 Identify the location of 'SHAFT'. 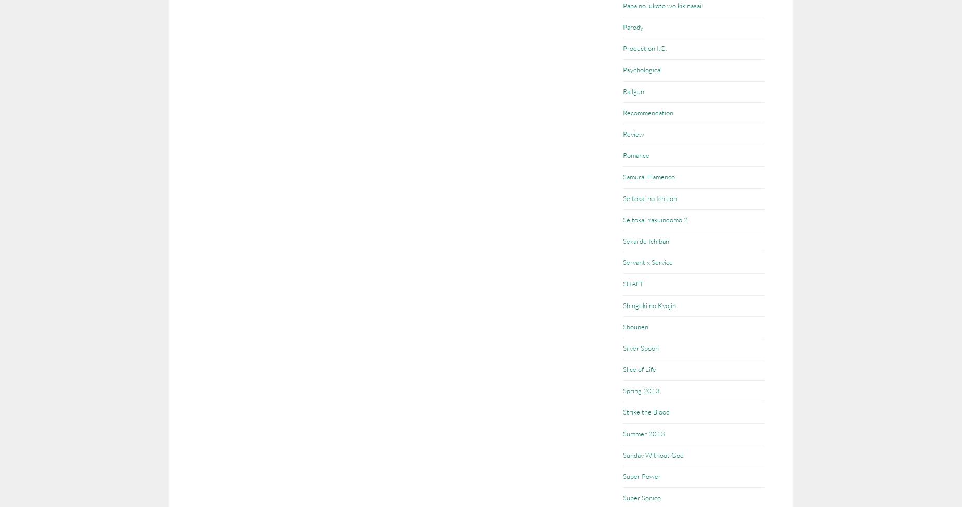
(633, 283).